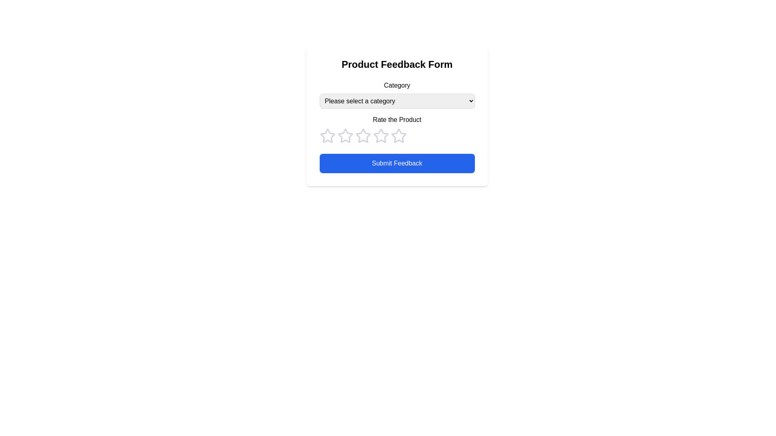 The height and width of the screenshot is (436, 776). What do you see at coordinates (397, 120) in the screenshot?
I see `the text label that says 'Rate the Product' which is positioned centrally above the star icons in the feedback form module` at bounding box center [397, 120].